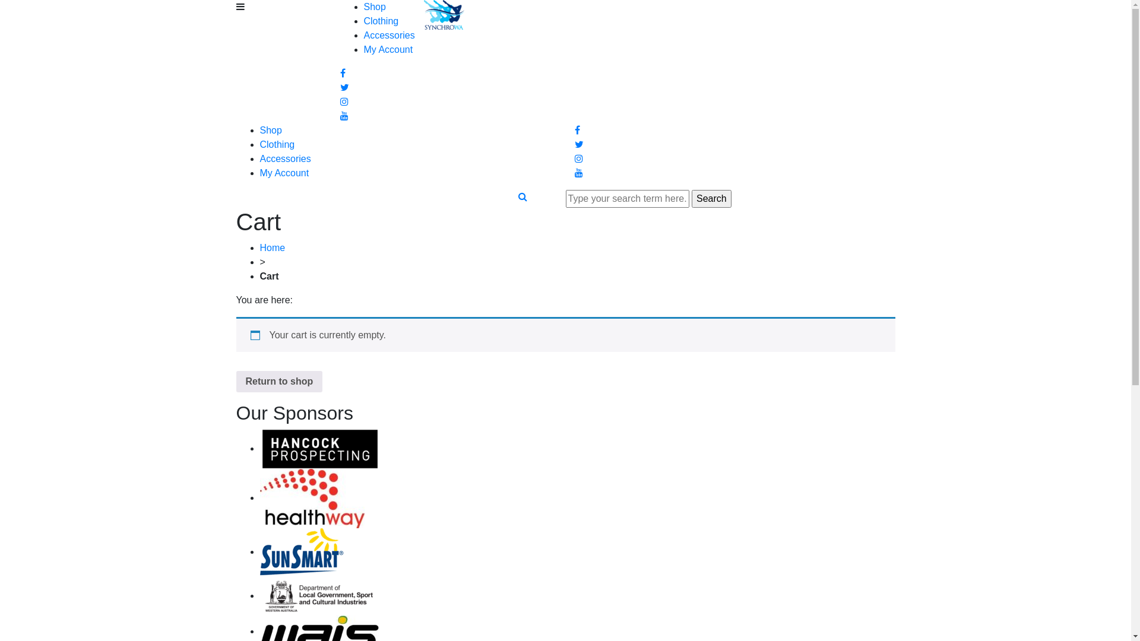 The height and width of the screenshot is (641, 1140). I want to click on 'Return to shop', so click(278, 382).